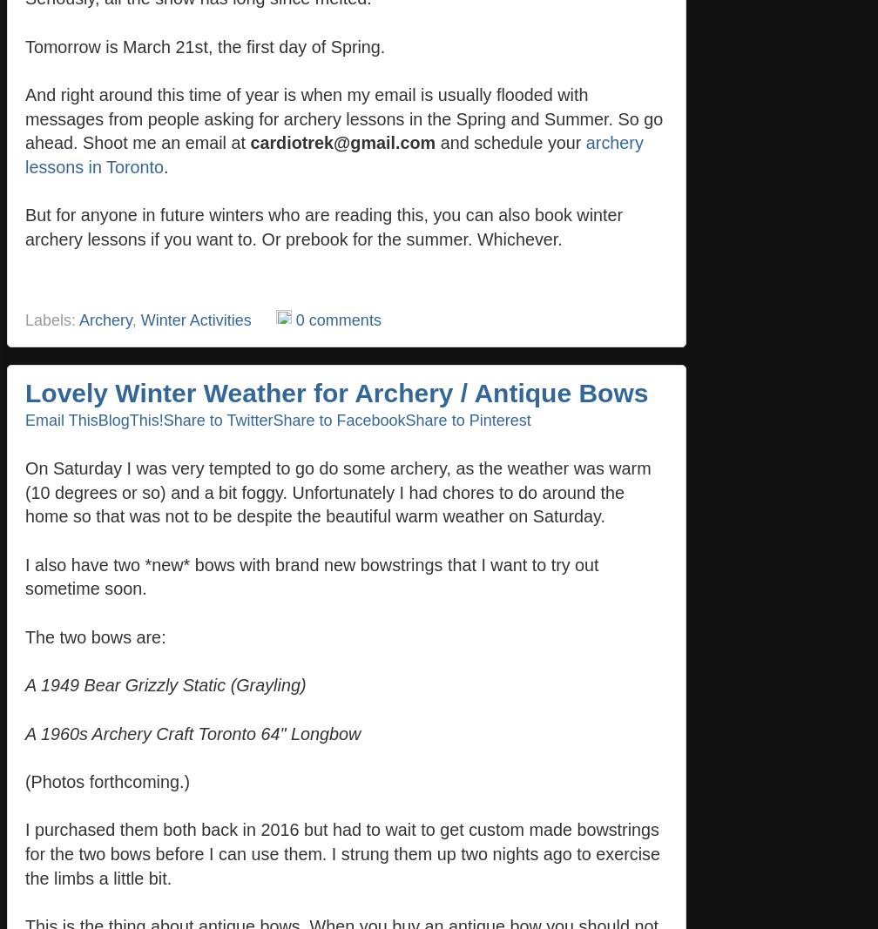  I want to click on 'cardiotrek@gmail.com', so click(342, 141).